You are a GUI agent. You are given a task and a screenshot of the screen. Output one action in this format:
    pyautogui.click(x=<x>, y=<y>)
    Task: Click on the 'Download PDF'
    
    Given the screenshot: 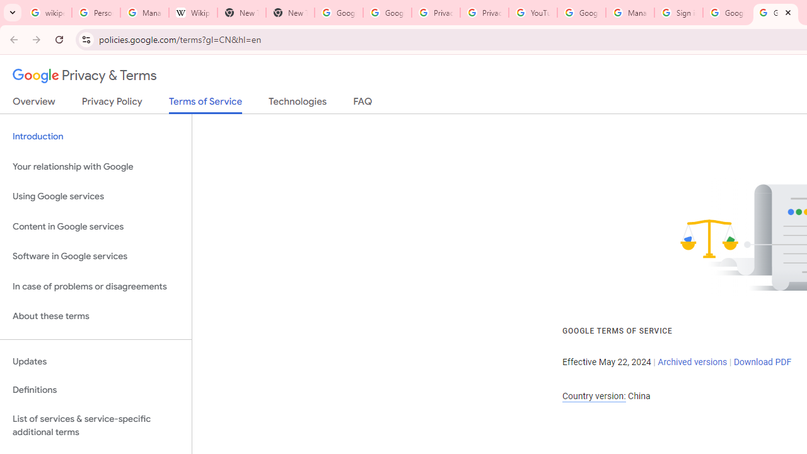 What is the action you would take?
    pyautogui.click(x=762, y=362)
    